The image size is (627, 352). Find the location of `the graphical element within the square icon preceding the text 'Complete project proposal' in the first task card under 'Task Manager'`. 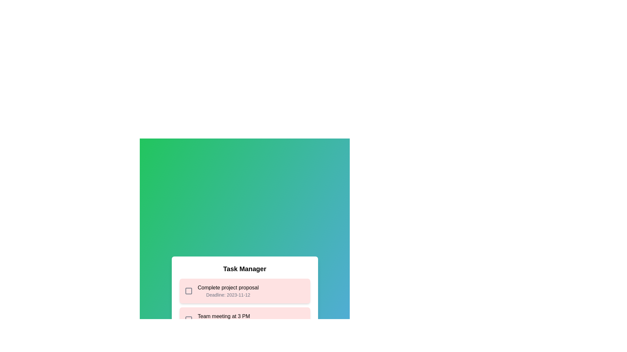

the graphical element within the square icon preceding the text 'Complete project proposal' in the first task card under 'Task Manager' is located at coordinates (188, 291).